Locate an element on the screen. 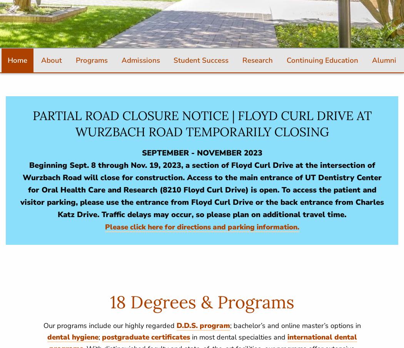  'dental hygiene' is located at coordinates (72, 336).